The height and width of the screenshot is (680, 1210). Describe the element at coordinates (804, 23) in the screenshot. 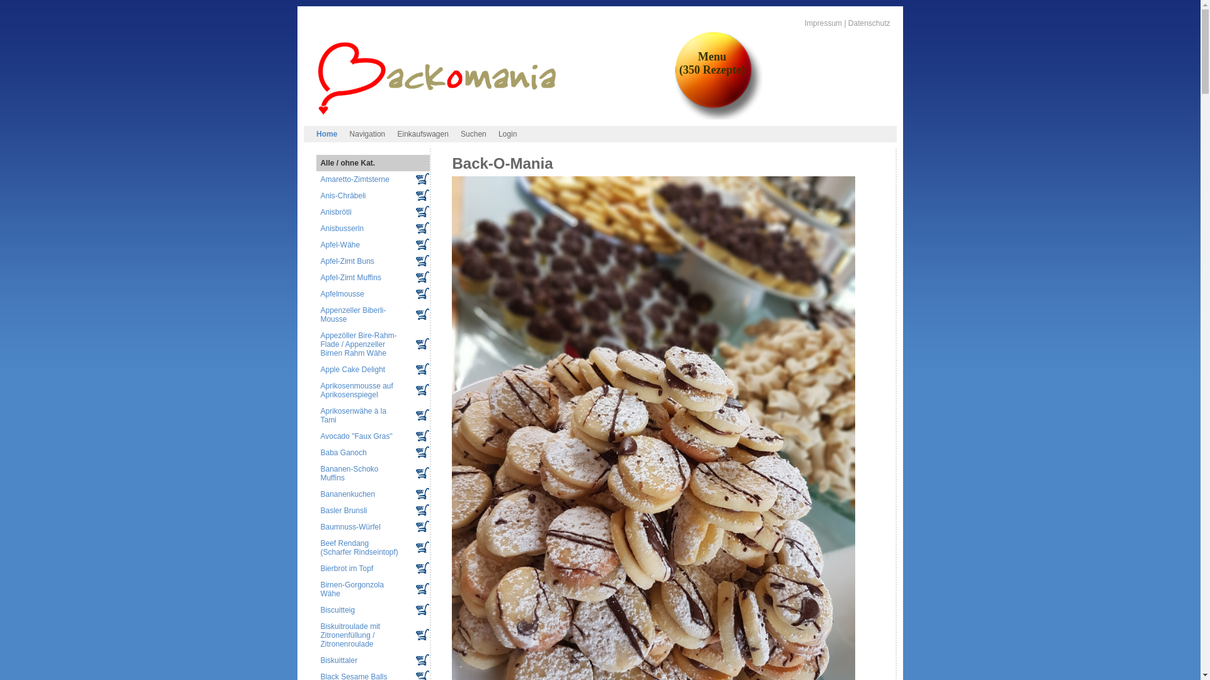

I see `'Impressum'` at that location.